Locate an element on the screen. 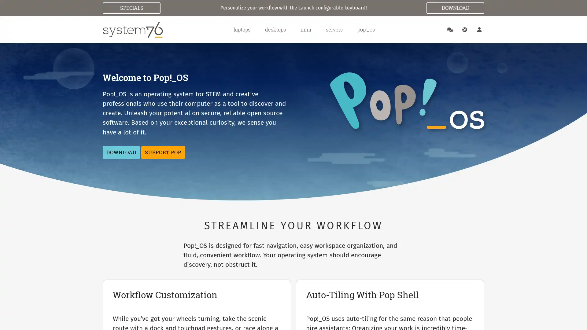  DOWNLOAD is located at coordinates (121, 152).